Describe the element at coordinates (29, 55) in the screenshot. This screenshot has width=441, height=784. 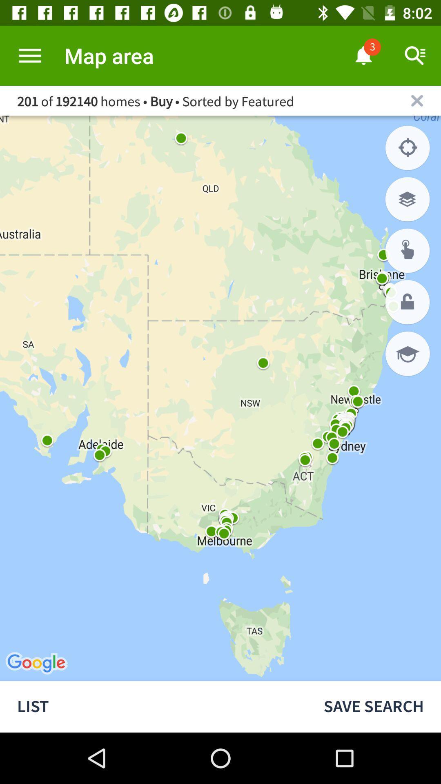
I see `side menu option` at that location.